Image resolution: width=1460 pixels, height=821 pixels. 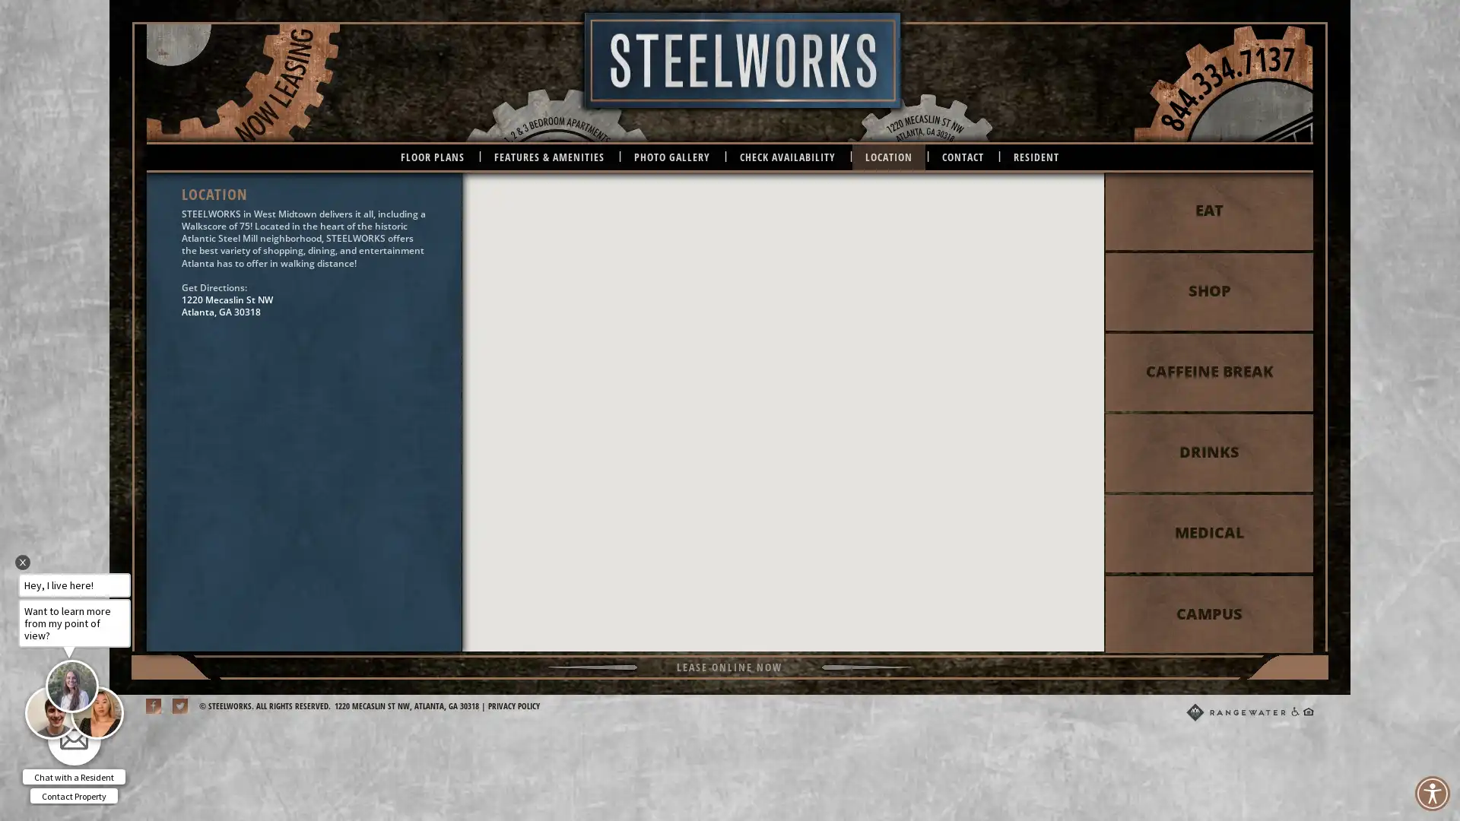 I want to click on Steelworks, so click(x=782, y=398).